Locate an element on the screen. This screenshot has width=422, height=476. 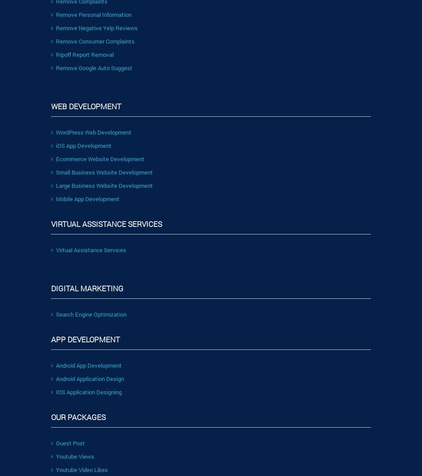
'Remove Personal Information' is located at coordinates (93, 14).